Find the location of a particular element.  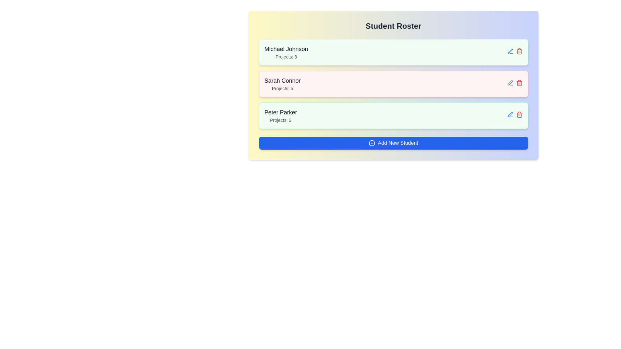

the 'Add New Student' button to initiate the process of adding a new student is located at coordinates (393, 143).